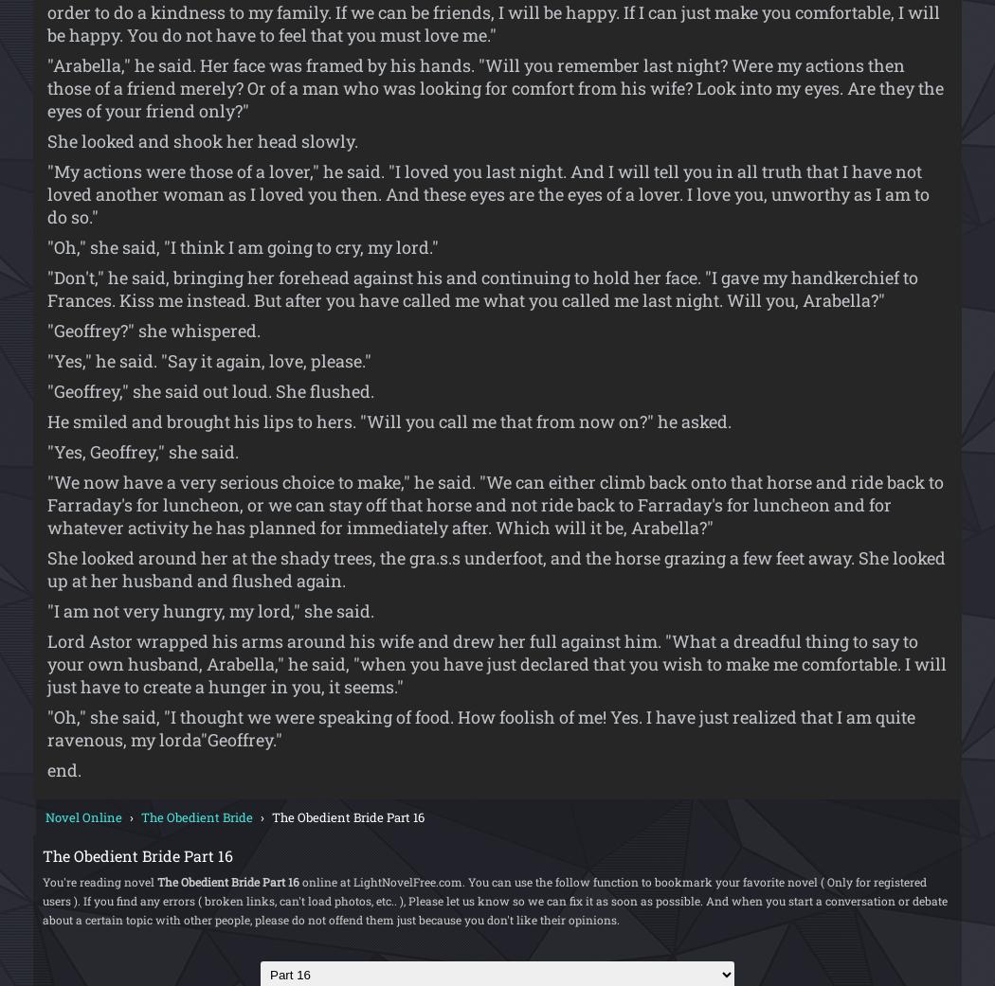 The image size is (995, 986). Describe the element at coordinates (209, 608) in the screenshot. I see `'"I am not very hungry, my lord," she said.'` at that location.